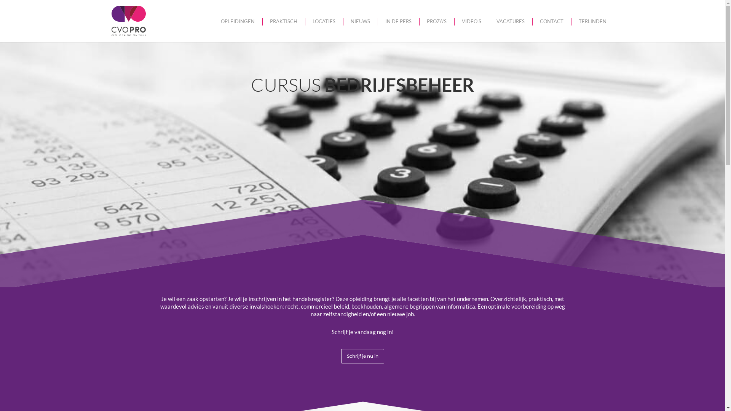 This screenshot has width=731, height=411. I want to click on 'Schrijf je nu in', so click(362, 356).